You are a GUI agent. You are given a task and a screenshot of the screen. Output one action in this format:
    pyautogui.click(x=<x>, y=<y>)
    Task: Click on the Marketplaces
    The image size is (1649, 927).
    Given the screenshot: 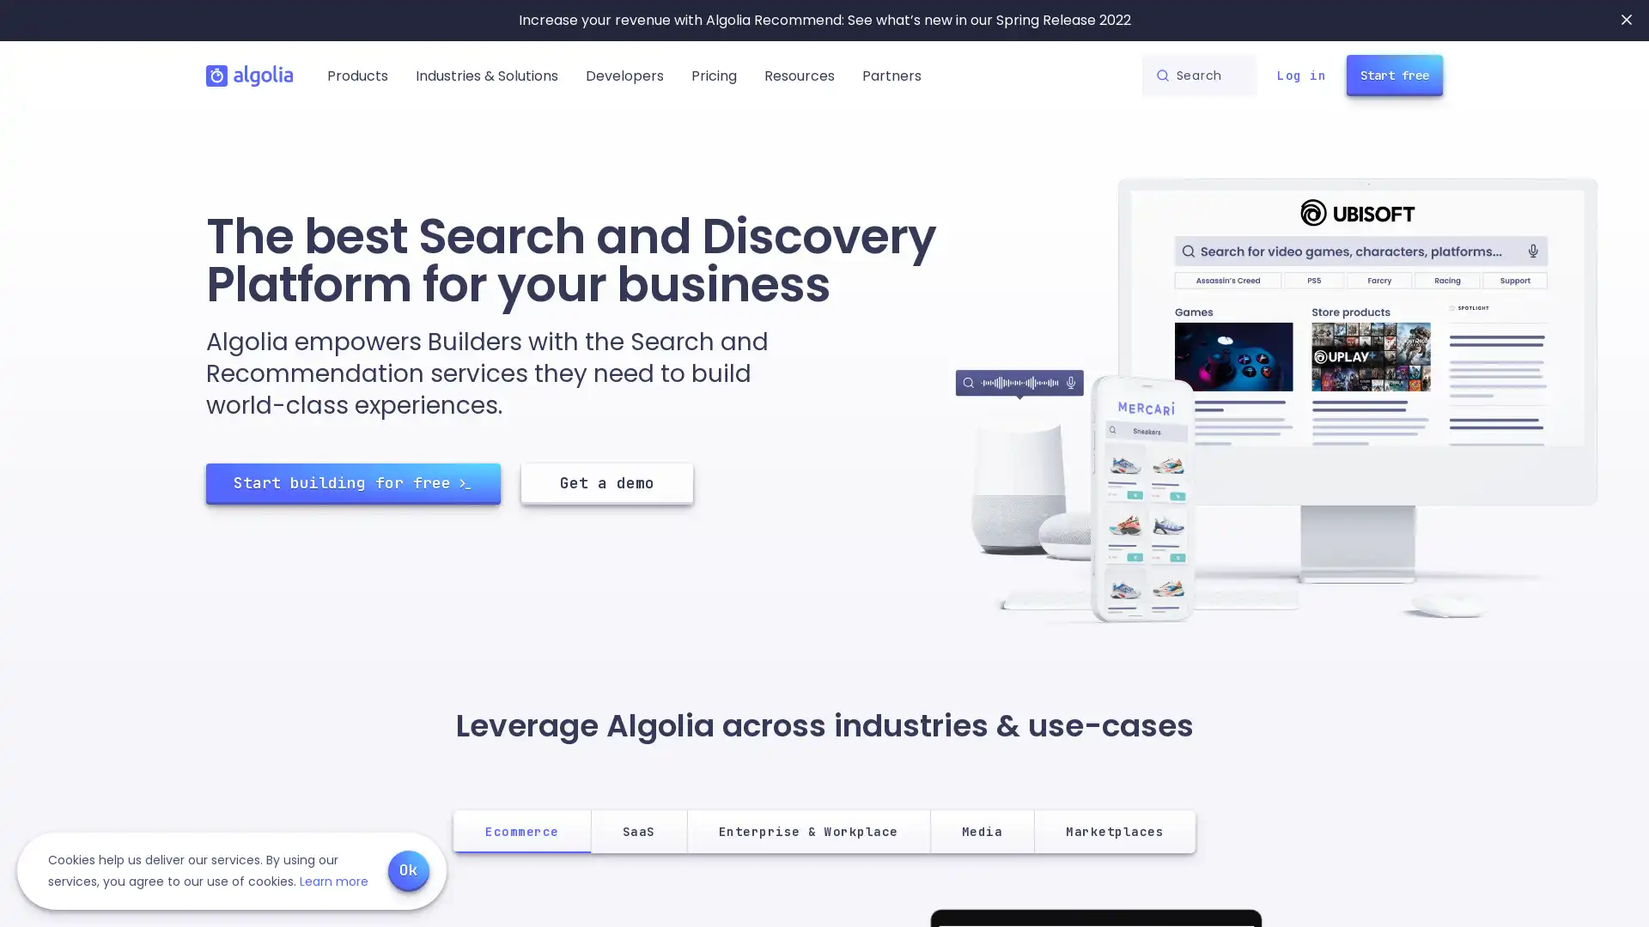 What is the action you would take?
    pyautogui.click(x=1114, y=830)
    